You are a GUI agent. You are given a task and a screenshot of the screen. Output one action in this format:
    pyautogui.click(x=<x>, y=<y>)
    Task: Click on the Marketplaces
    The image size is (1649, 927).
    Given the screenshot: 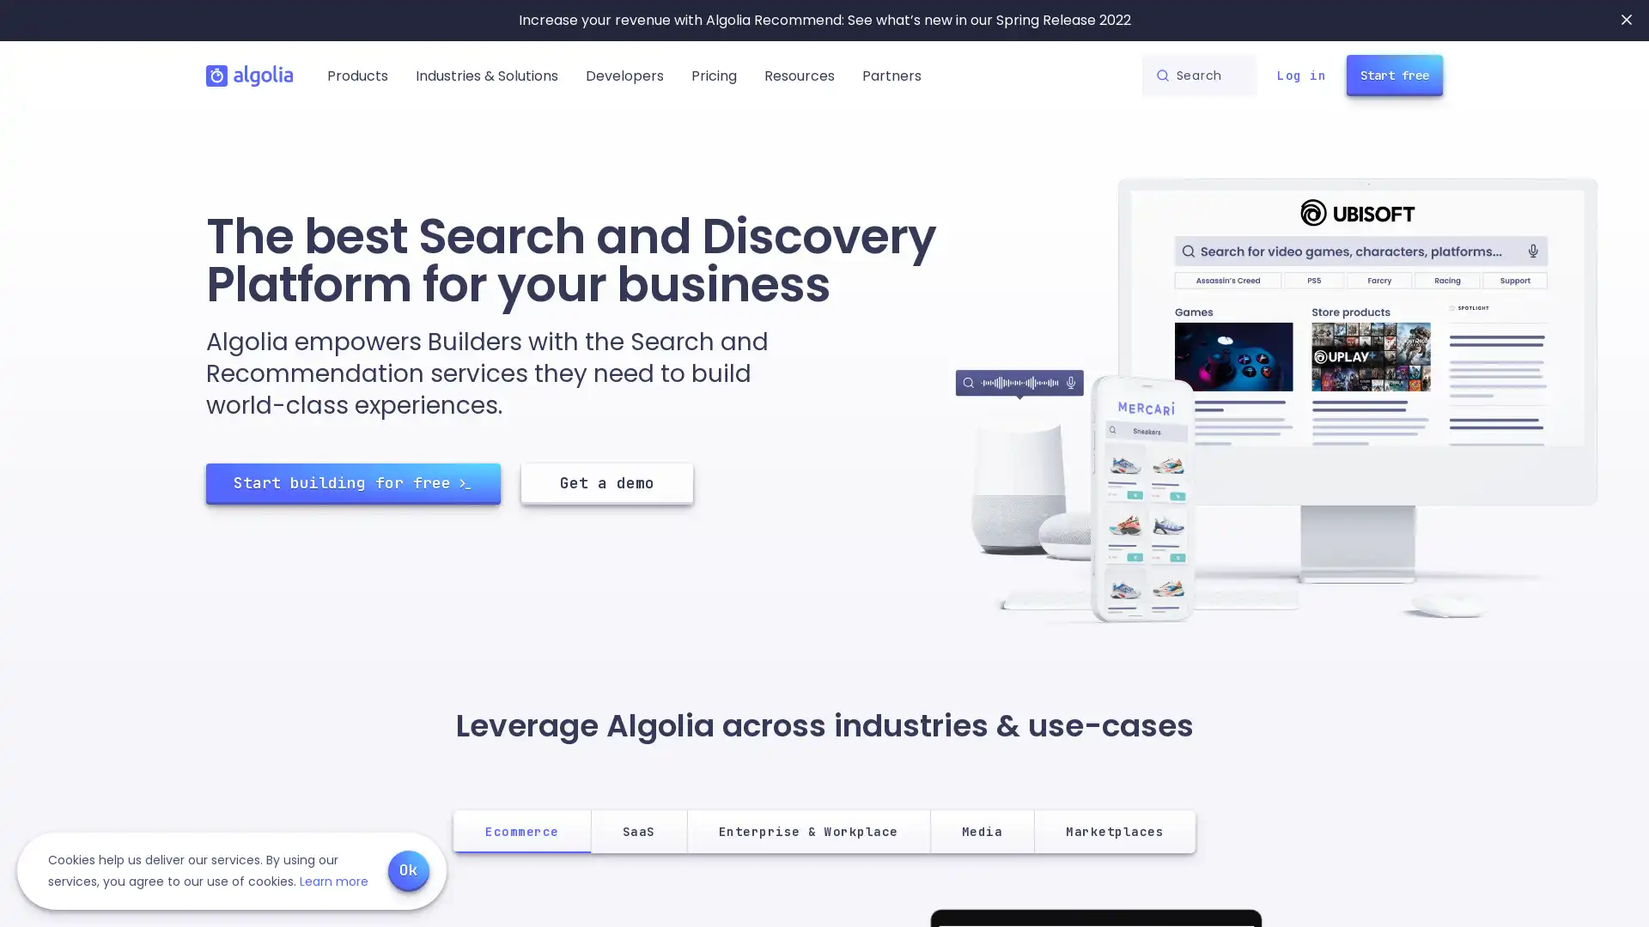 What is the action you would take?
    pyautogui.click(x=1114, y=830)
    